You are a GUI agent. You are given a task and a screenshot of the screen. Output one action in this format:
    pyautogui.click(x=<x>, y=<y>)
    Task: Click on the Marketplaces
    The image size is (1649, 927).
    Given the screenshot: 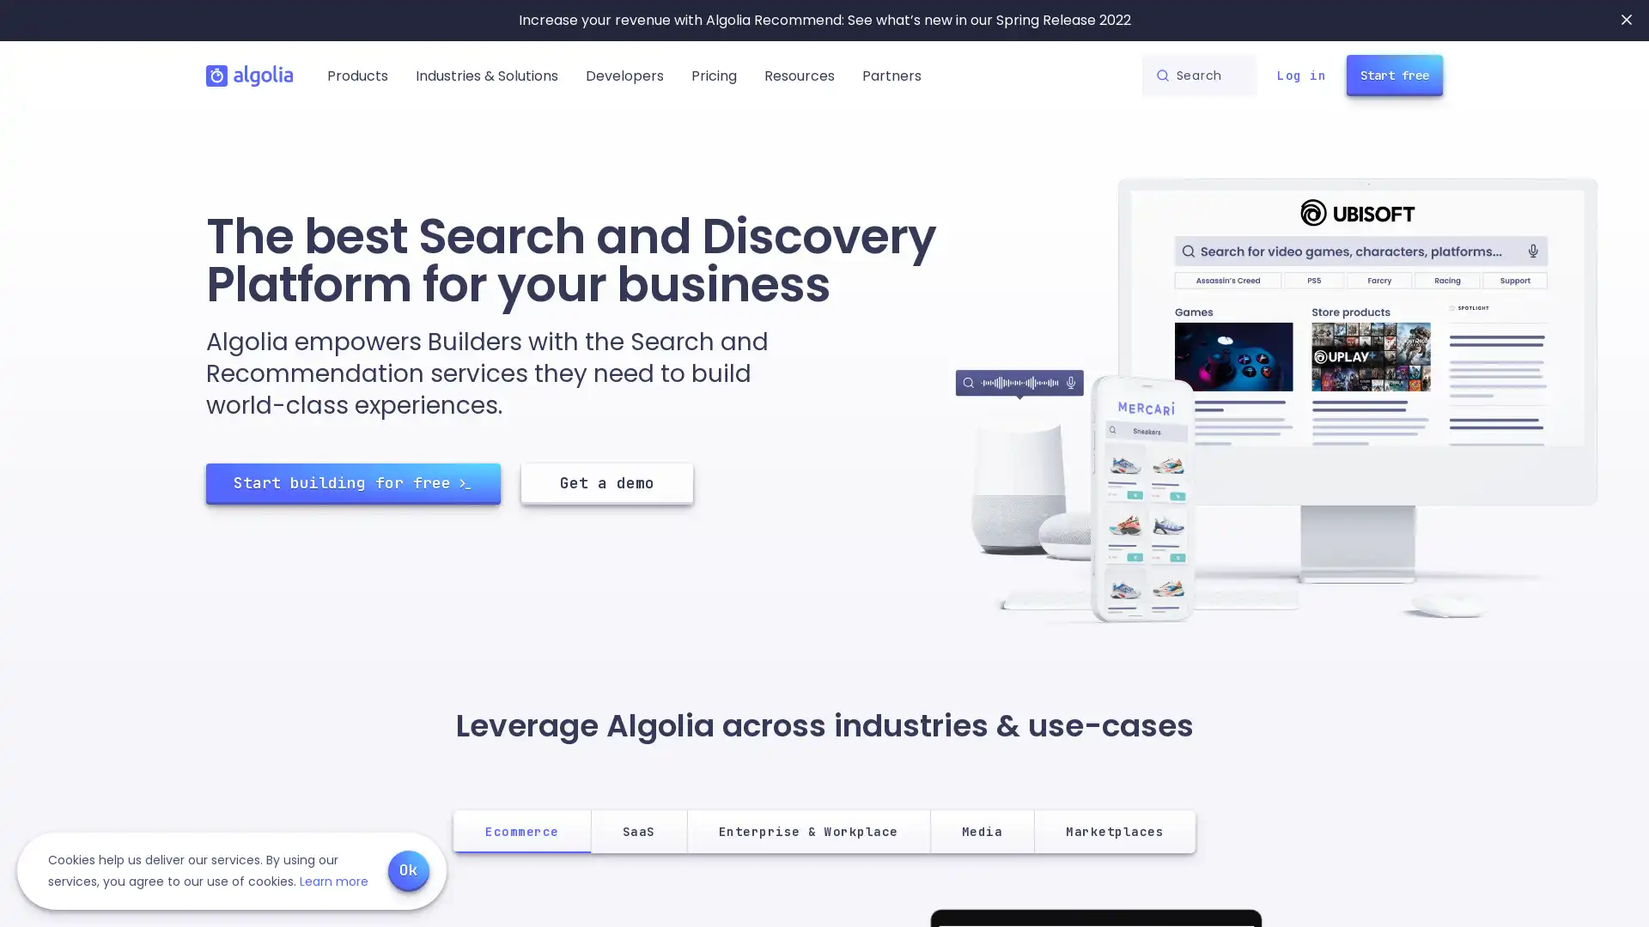 What is the action you would take?
    pyautogui.click(x=1114, y=830)
    